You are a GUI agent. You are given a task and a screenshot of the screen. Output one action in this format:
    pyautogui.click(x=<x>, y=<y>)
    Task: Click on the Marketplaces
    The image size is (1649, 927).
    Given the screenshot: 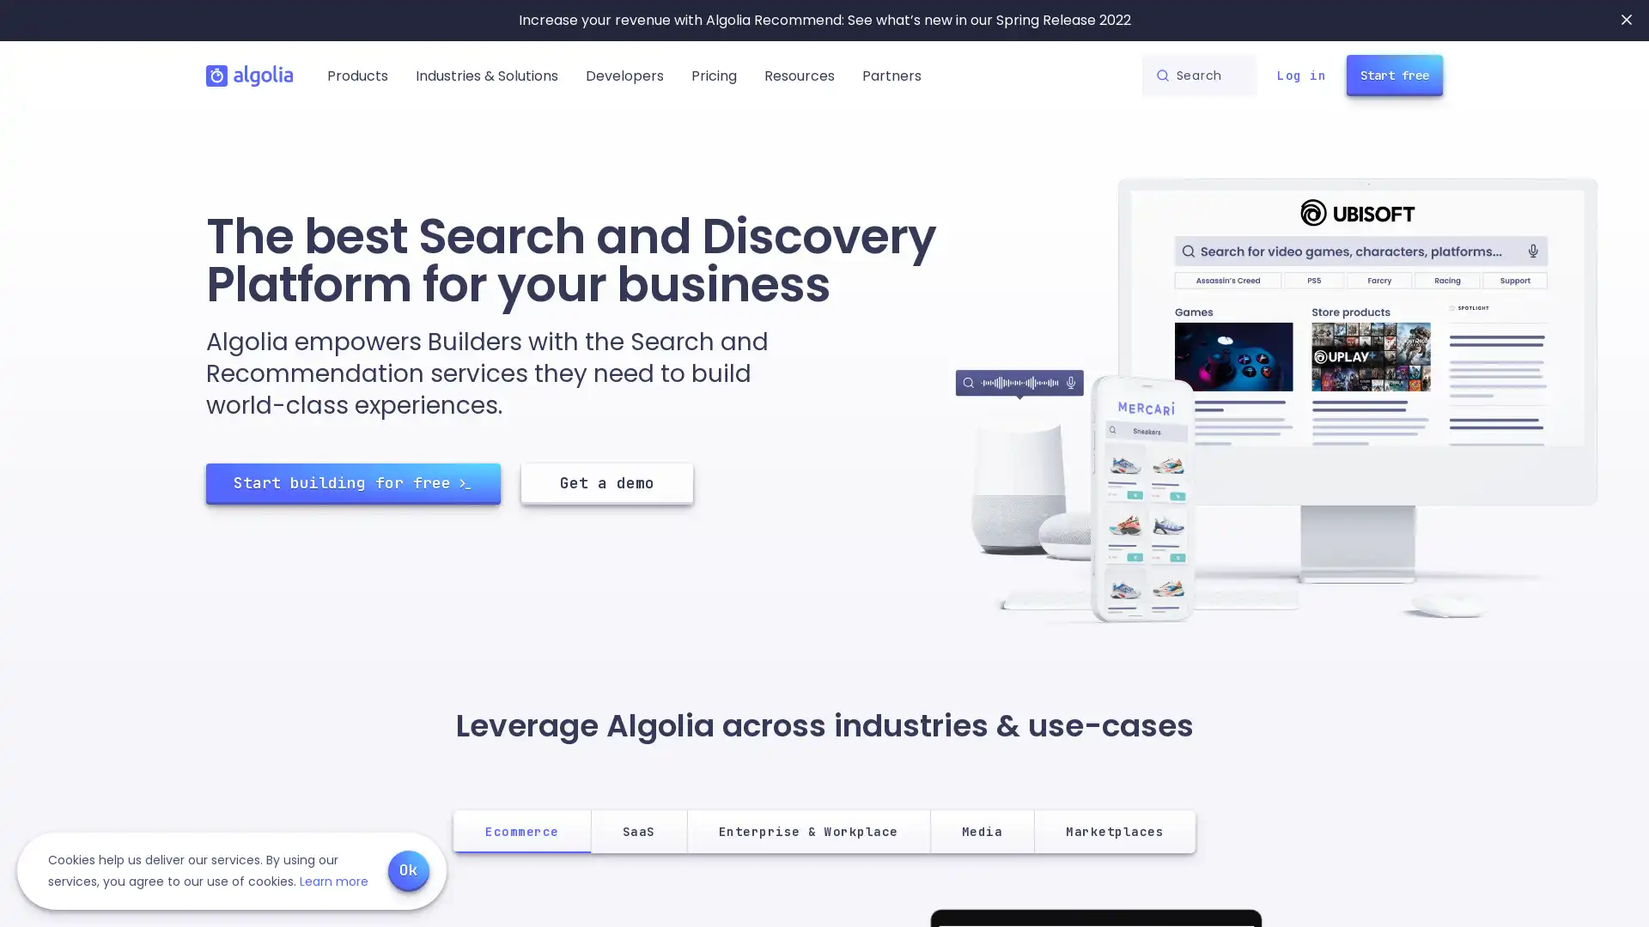 What is the action you would take?
    pyautogui.click(x=1114, y=830)
    